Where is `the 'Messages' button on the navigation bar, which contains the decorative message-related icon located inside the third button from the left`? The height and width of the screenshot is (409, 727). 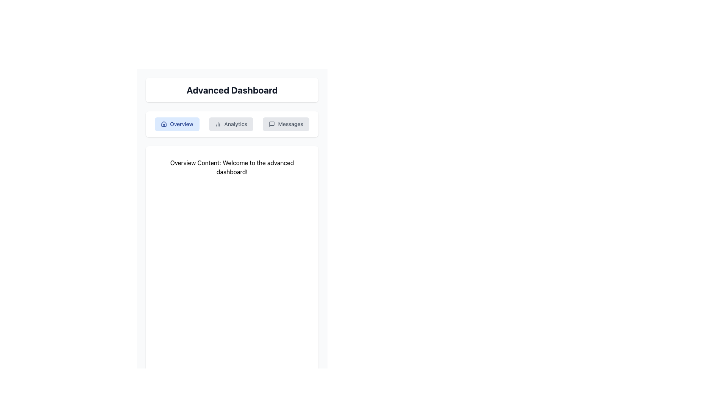
the 'Messages' button on the navigation bar, which contains the decorative message-related icon located inside the third button from the left is located at coordinates (272, 123).